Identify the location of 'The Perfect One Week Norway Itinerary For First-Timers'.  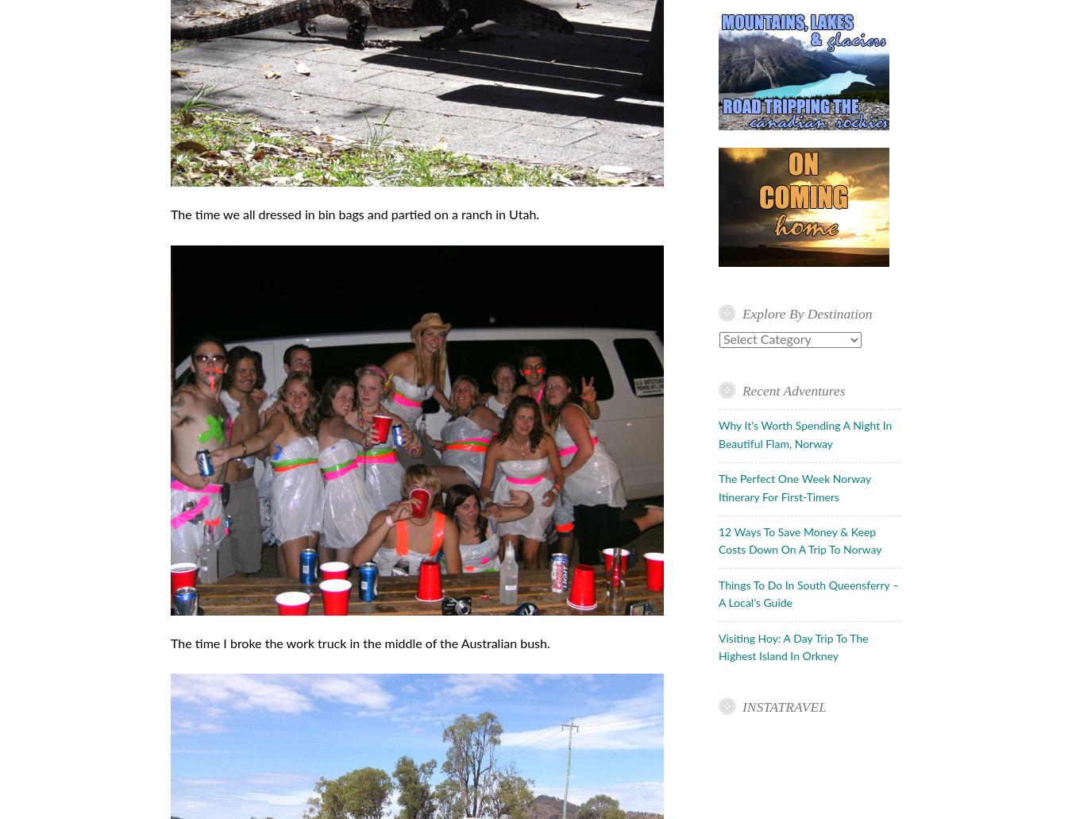
(793, 487).